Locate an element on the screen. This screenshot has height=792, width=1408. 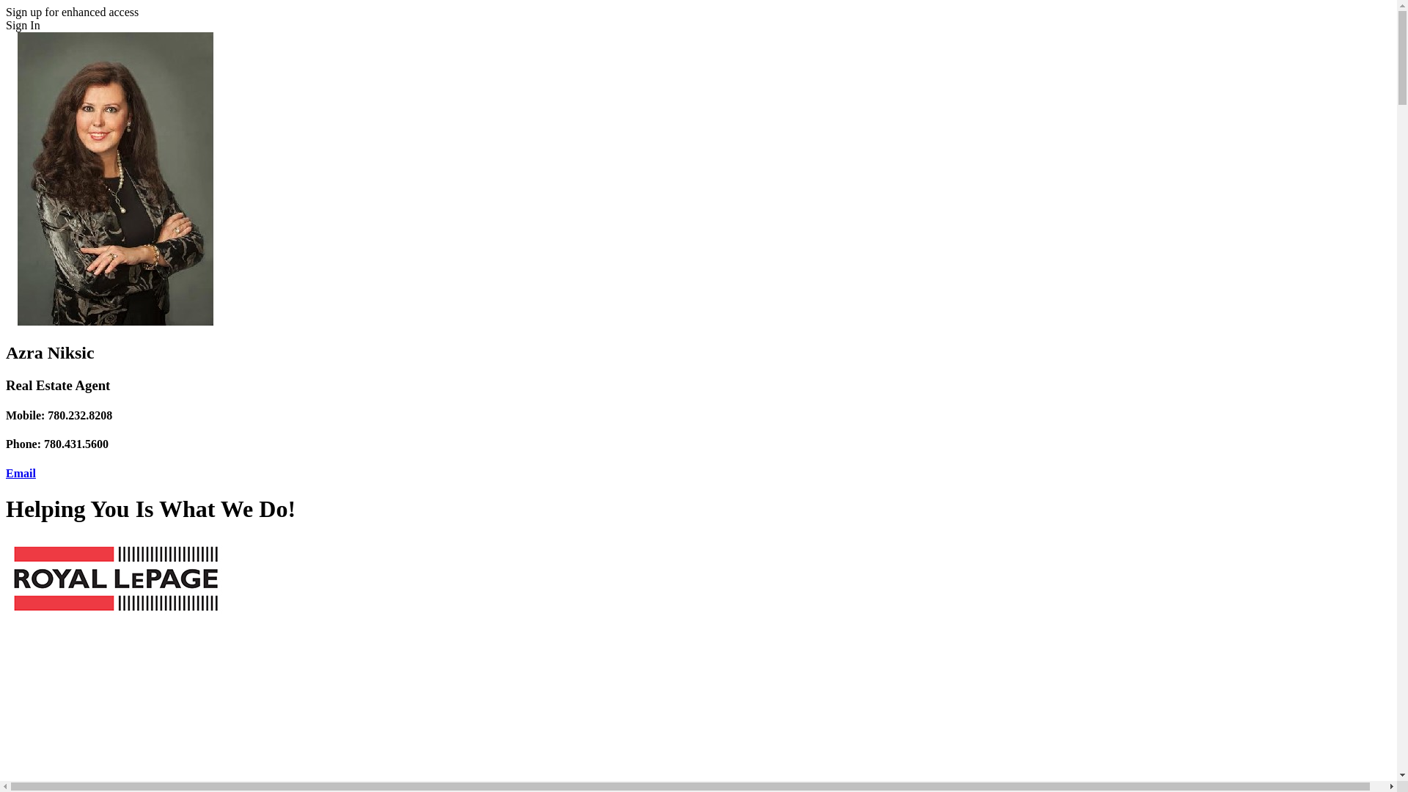
'Email' is located at coordinates (21, 473).